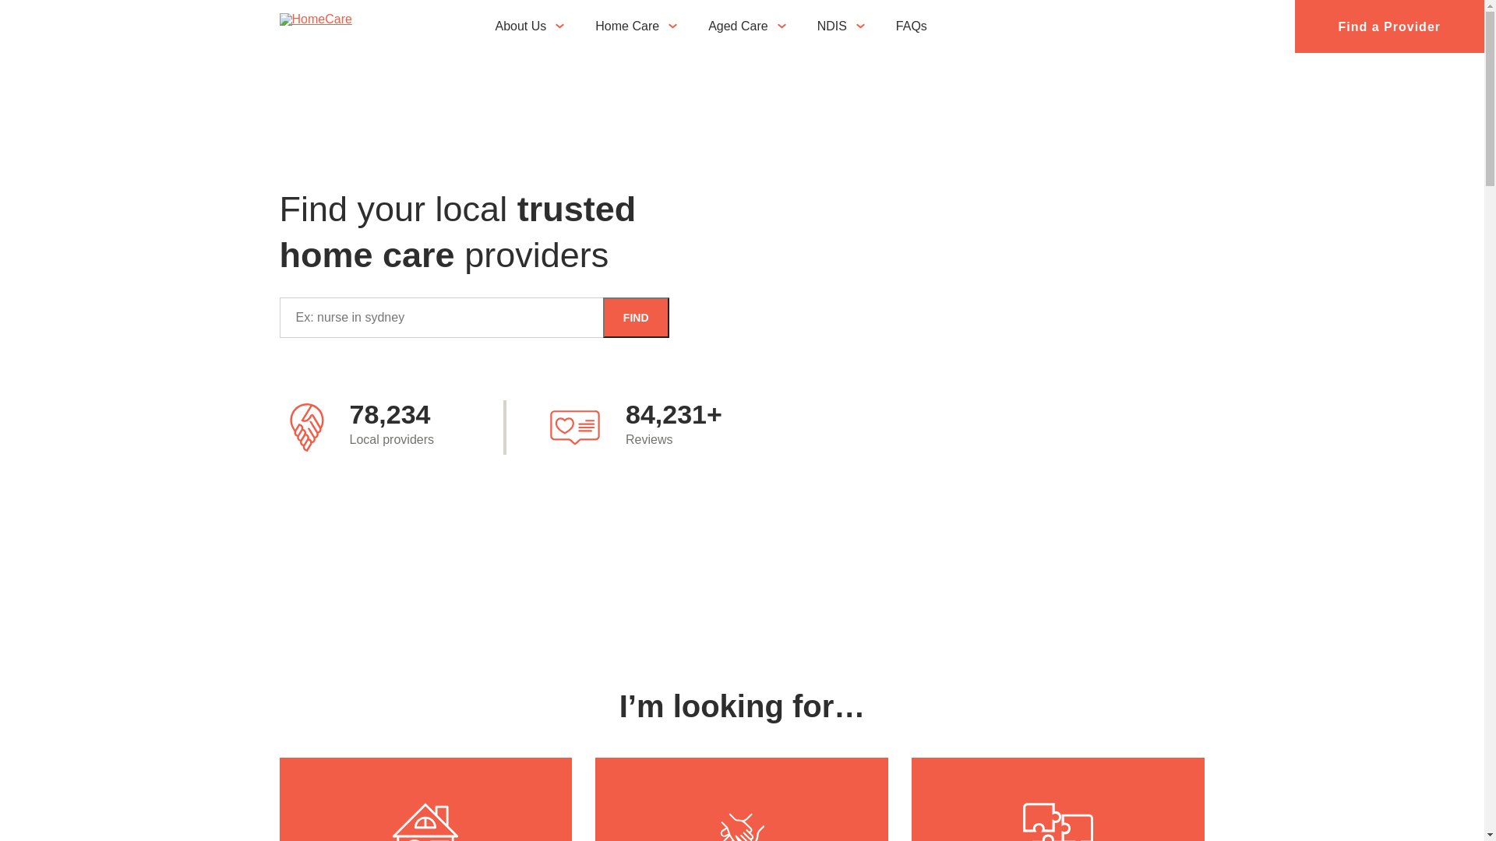 This screenshot has width=1496, height=841. What do you see at coordinates (1389, 26) in the screenshot?
I see `'Find a Provider'` at bounding box center [1389, 26].